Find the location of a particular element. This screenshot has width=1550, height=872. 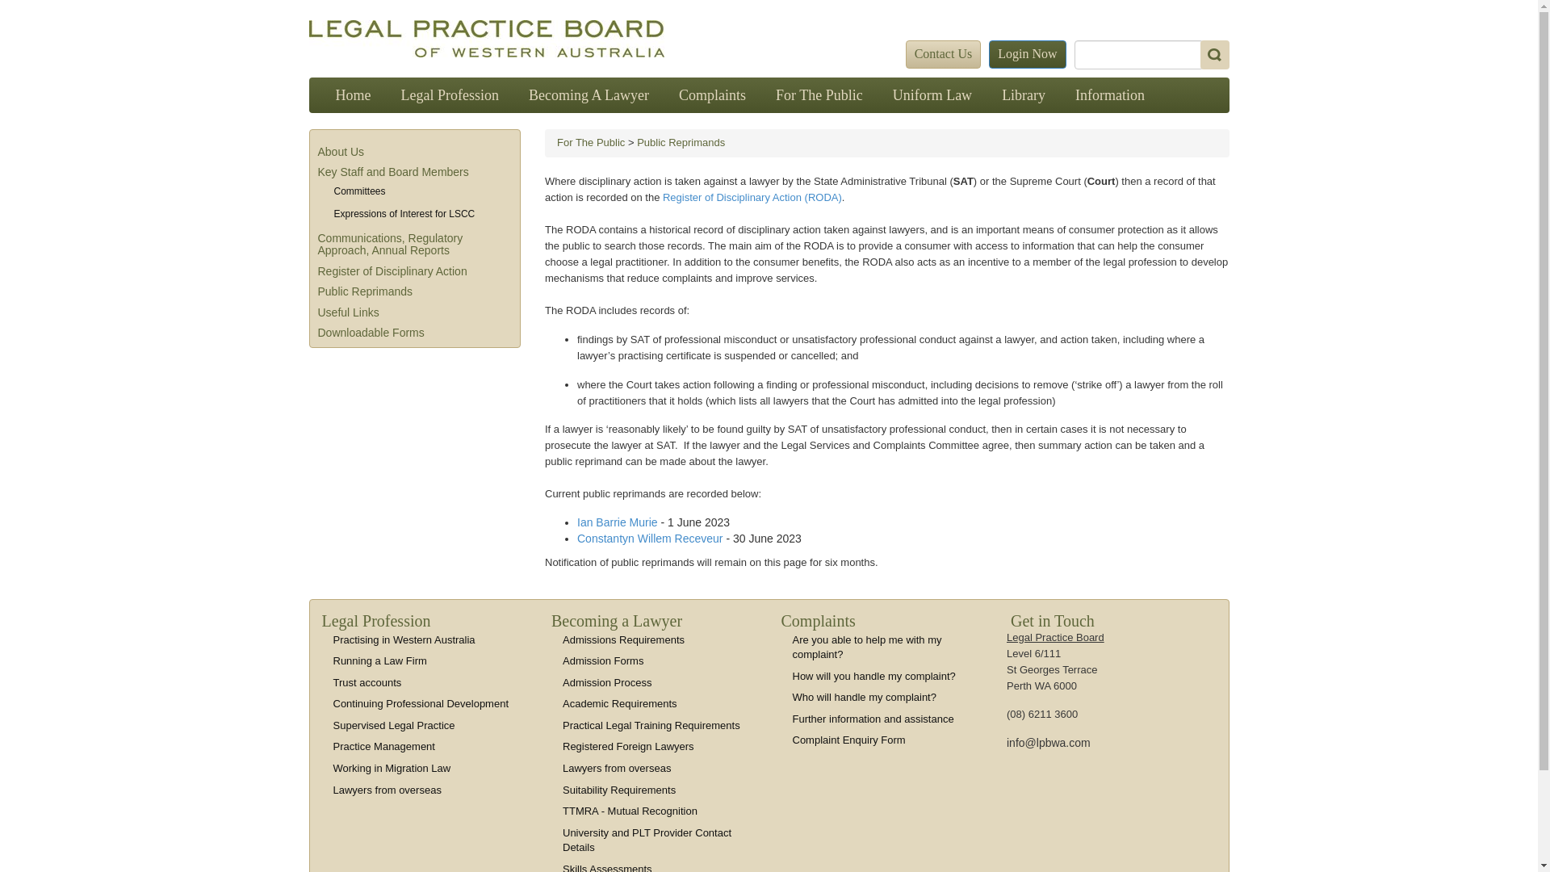

'Trust accounts' is located at coordinates (366, 682).